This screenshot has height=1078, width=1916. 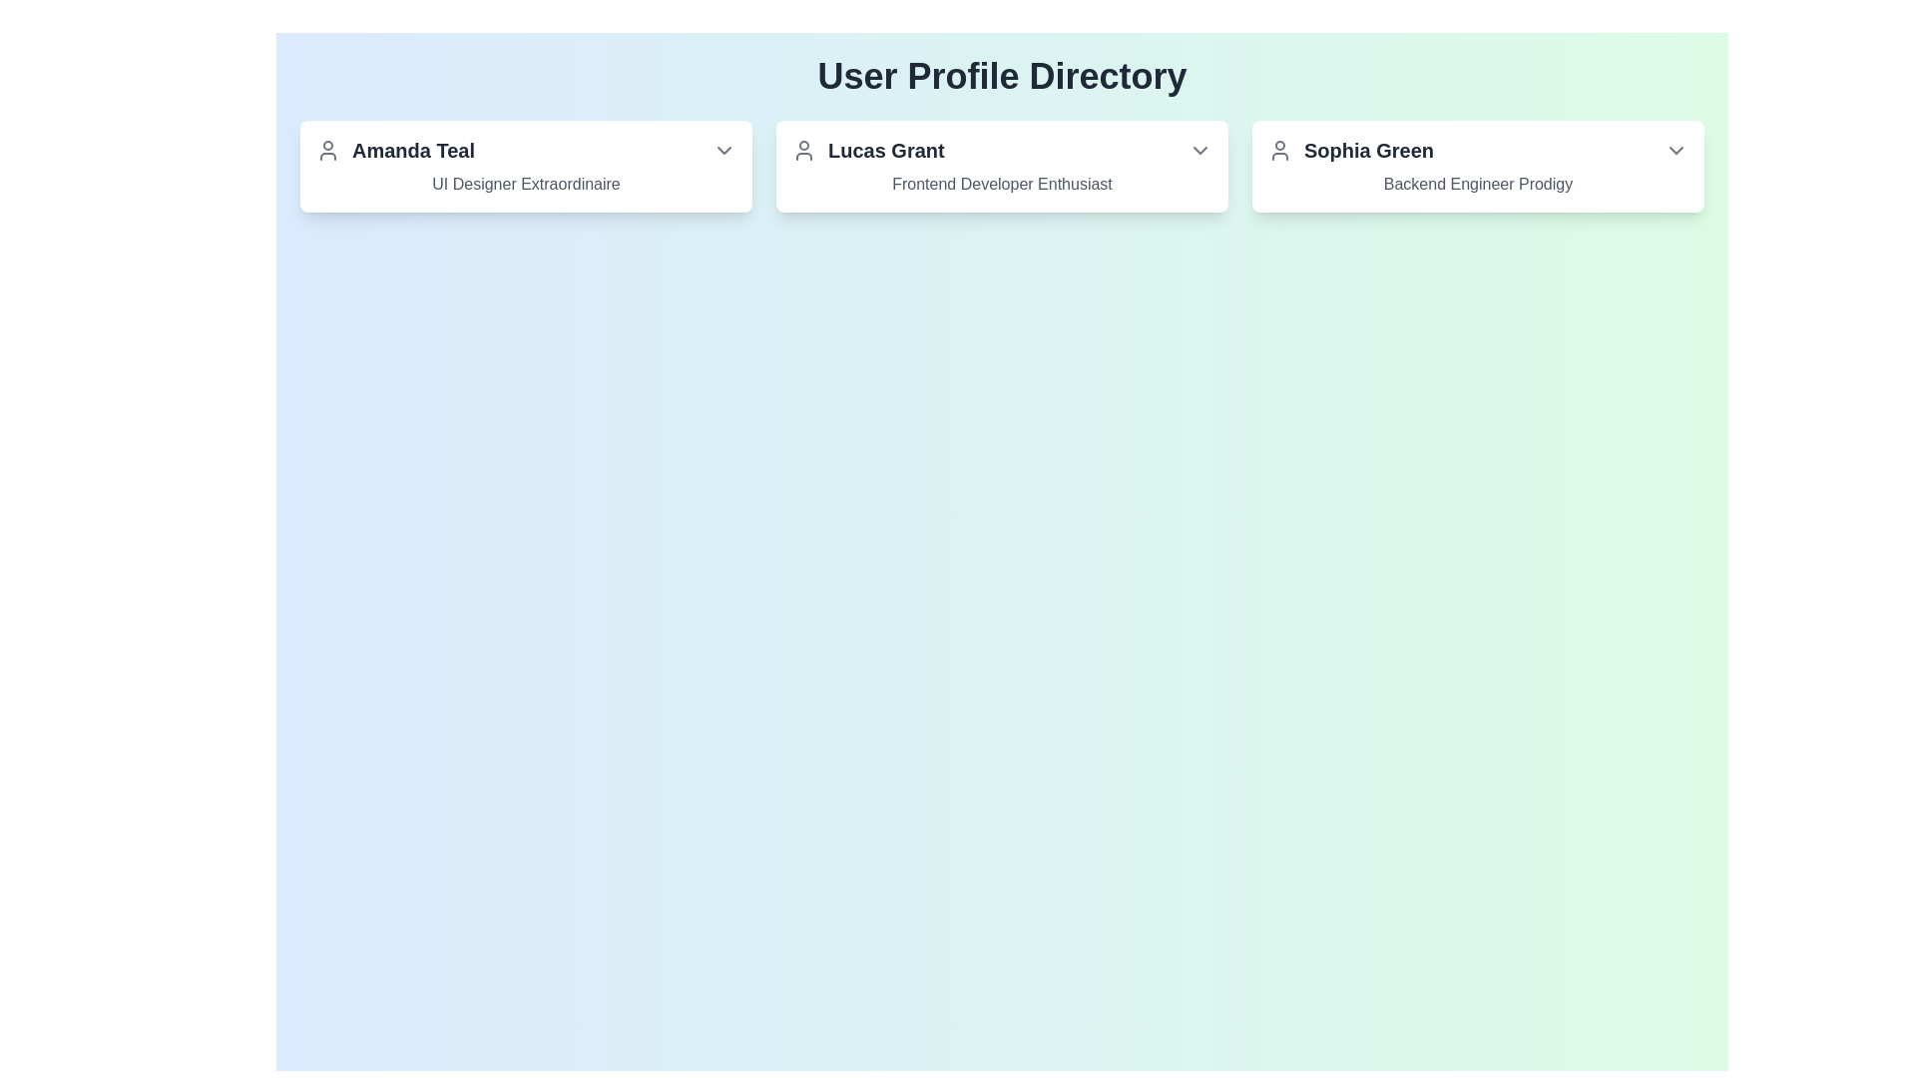 What do you see at coordinates (1002, 76) in the screenshot?
I see `the bold, large-sized text area displaying 'User Profile Directory' that is centrally aligned at the top-center of the page` at bounding box center [1002, 76].